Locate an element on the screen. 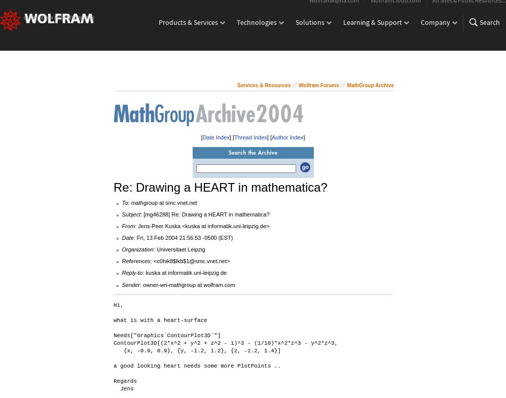  'Date' is located at coordinates (127, 238).